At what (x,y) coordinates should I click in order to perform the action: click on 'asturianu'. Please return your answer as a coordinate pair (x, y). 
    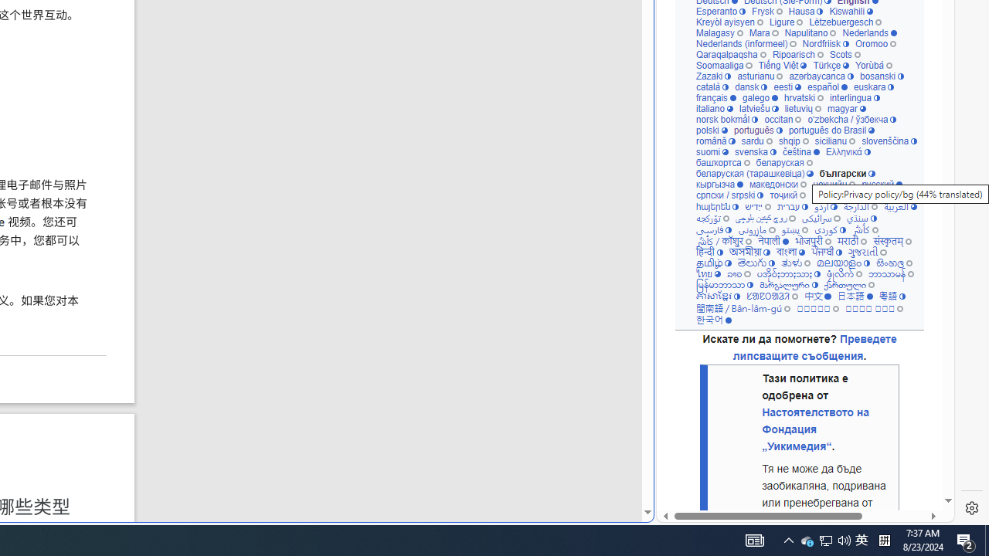
    Looking at the image, I should click on (760, 76).